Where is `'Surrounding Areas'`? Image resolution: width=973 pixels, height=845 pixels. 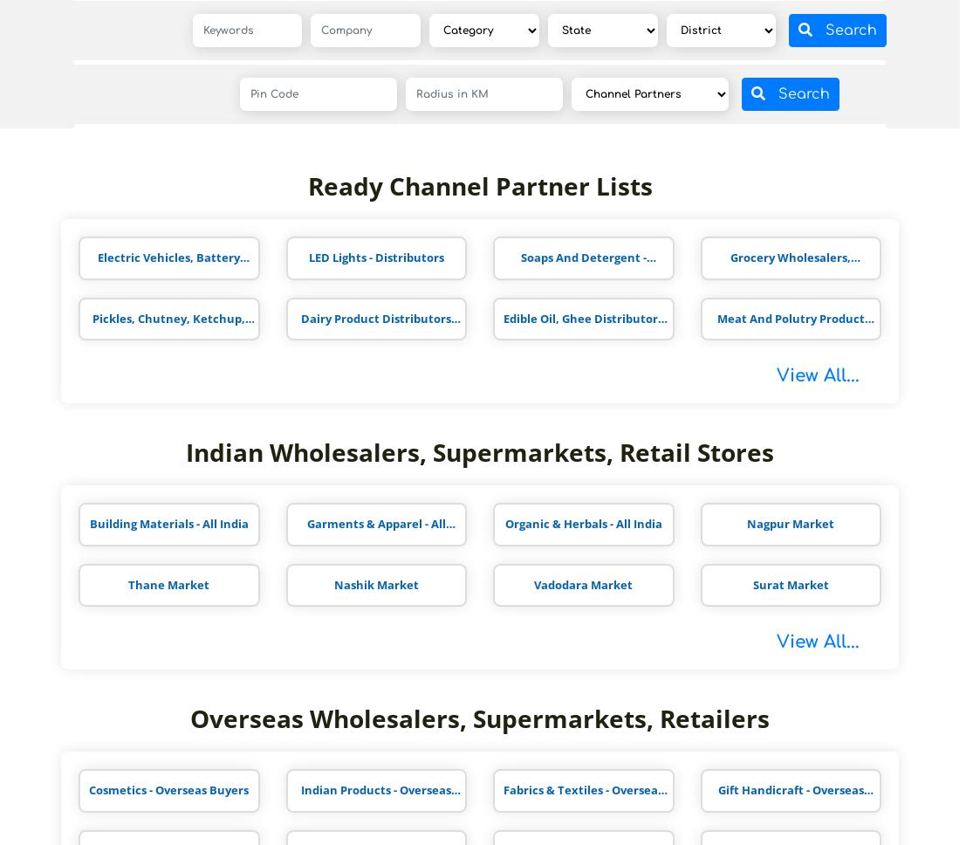
'Surrounding Areas' is located at coordinates (147, 127).